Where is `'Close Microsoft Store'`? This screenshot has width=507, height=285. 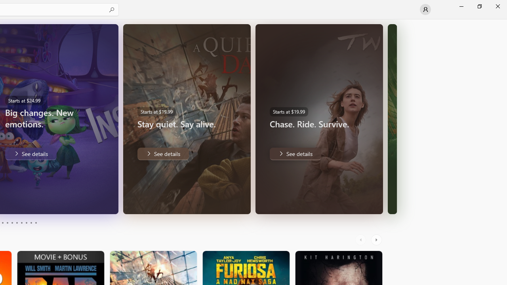
'Close Microsoft Store' is located at coordinates (497, 6).